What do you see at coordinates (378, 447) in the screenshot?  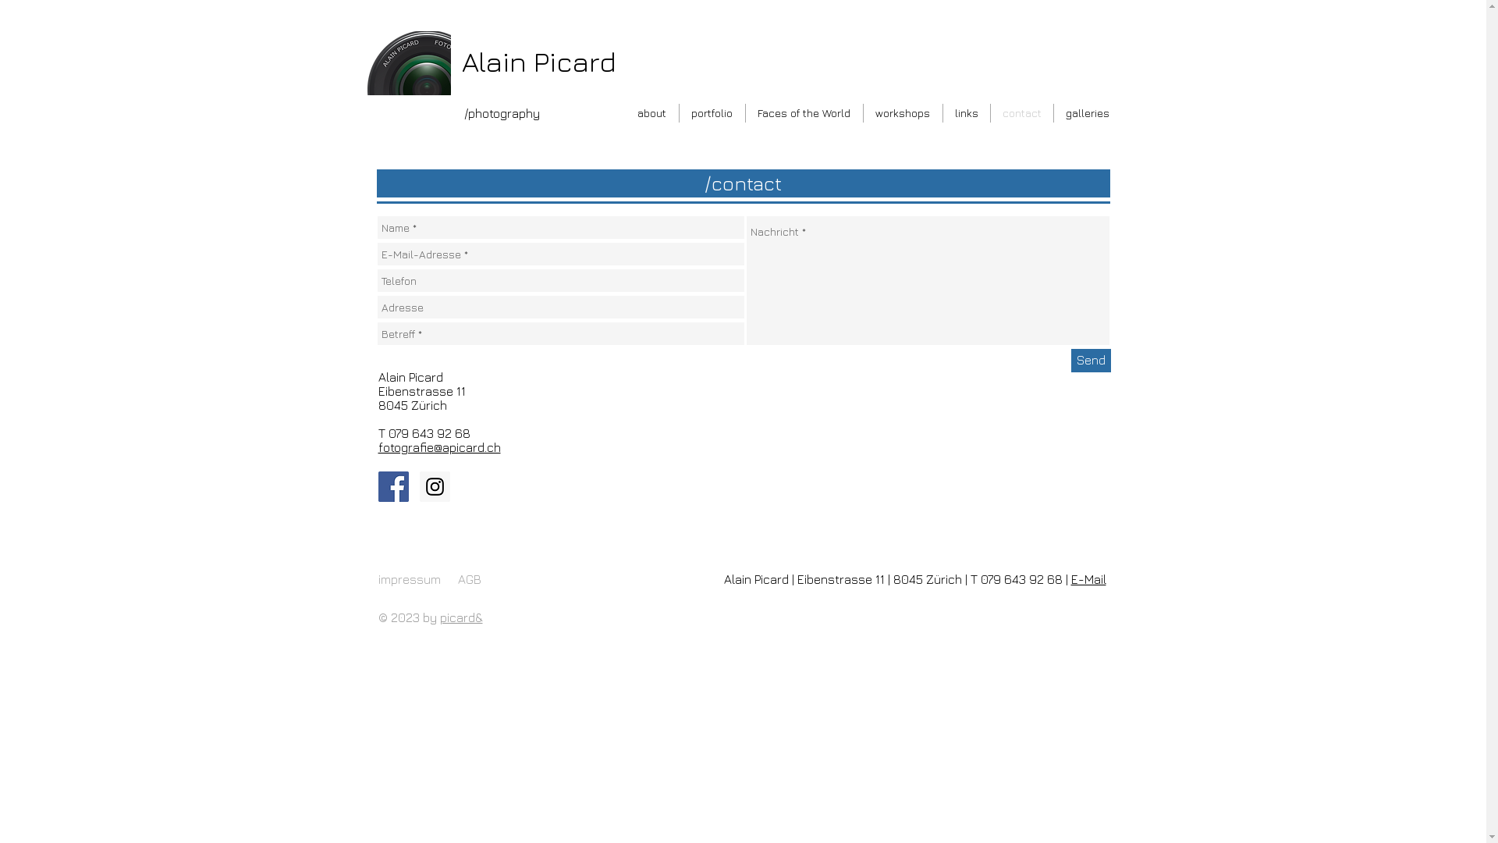 I see `'fotografie@apicard.ch'` at bounding box center [378, 447].